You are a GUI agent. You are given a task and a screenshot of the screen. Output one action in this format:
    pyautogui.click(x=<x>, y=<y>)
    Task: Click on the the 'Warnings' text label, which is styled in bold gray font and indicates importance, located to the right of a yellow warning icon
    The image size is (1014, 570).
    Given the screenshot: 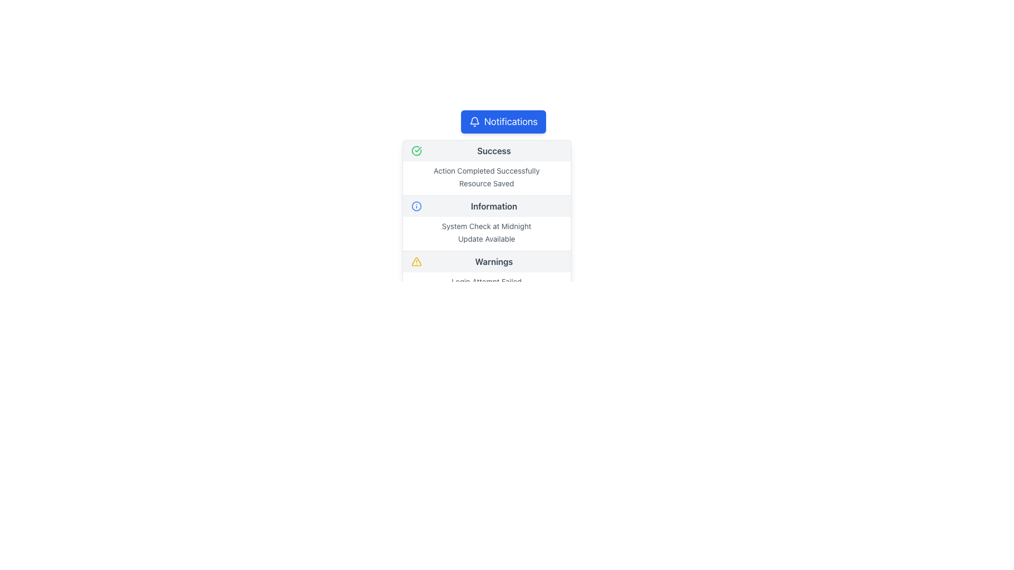 What is the action you would take?
    pyautogui.click(x=493, y=261)
    